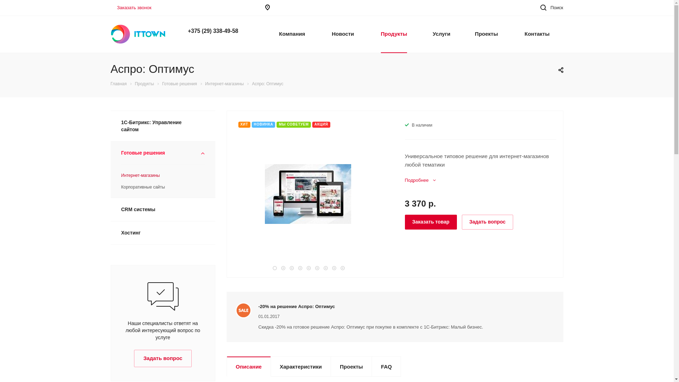 The height and width of the screenshot is (382, 679). I want to click on '7', so click(325, 268).